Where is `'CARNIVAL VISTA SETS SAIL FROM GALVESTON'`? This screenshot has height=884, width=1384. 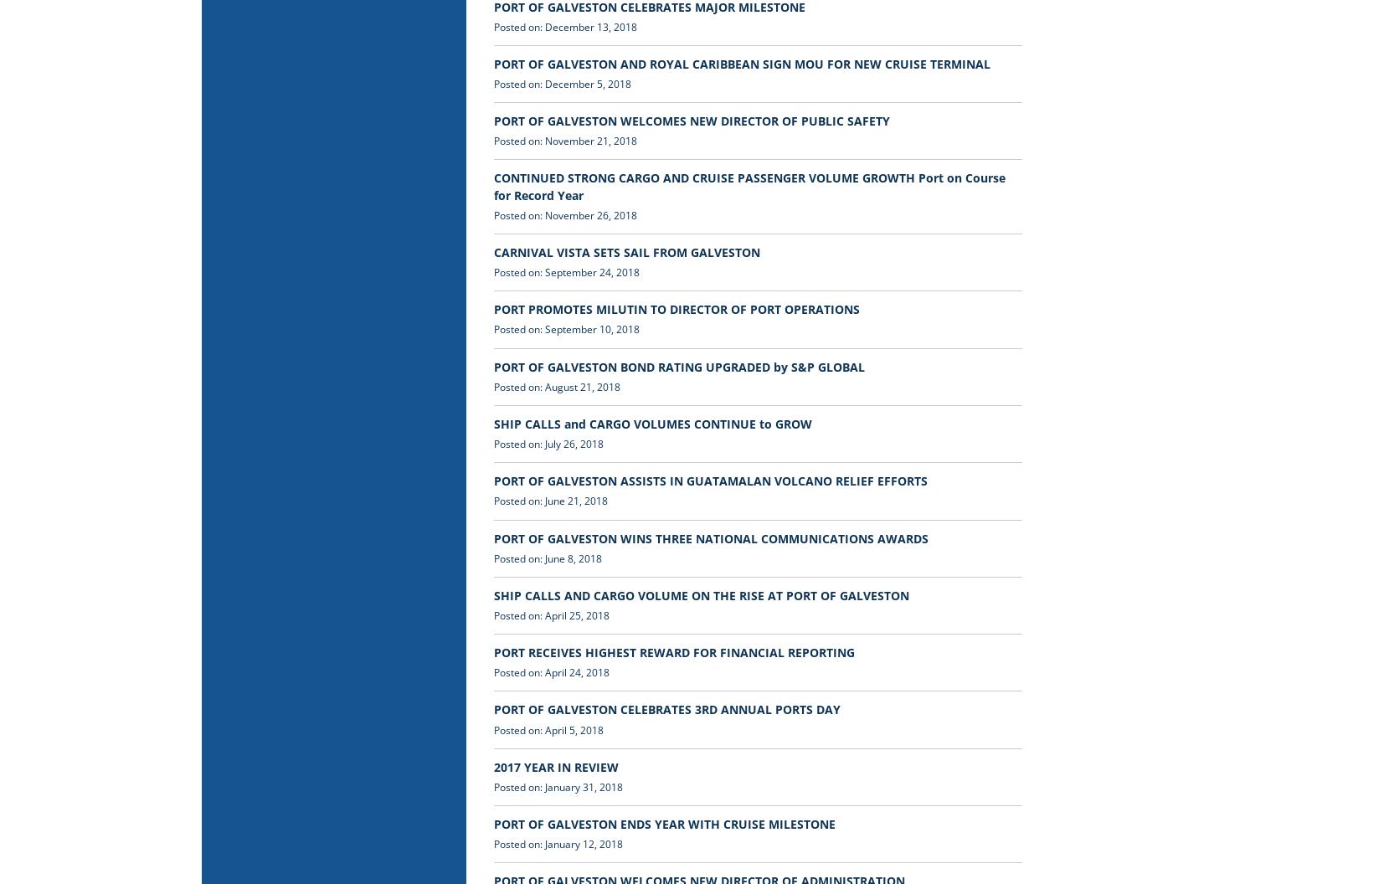 'CARNIVAL VISTA SETS SAIL FROM GALVESTON' is located at coordinates (492, 251).